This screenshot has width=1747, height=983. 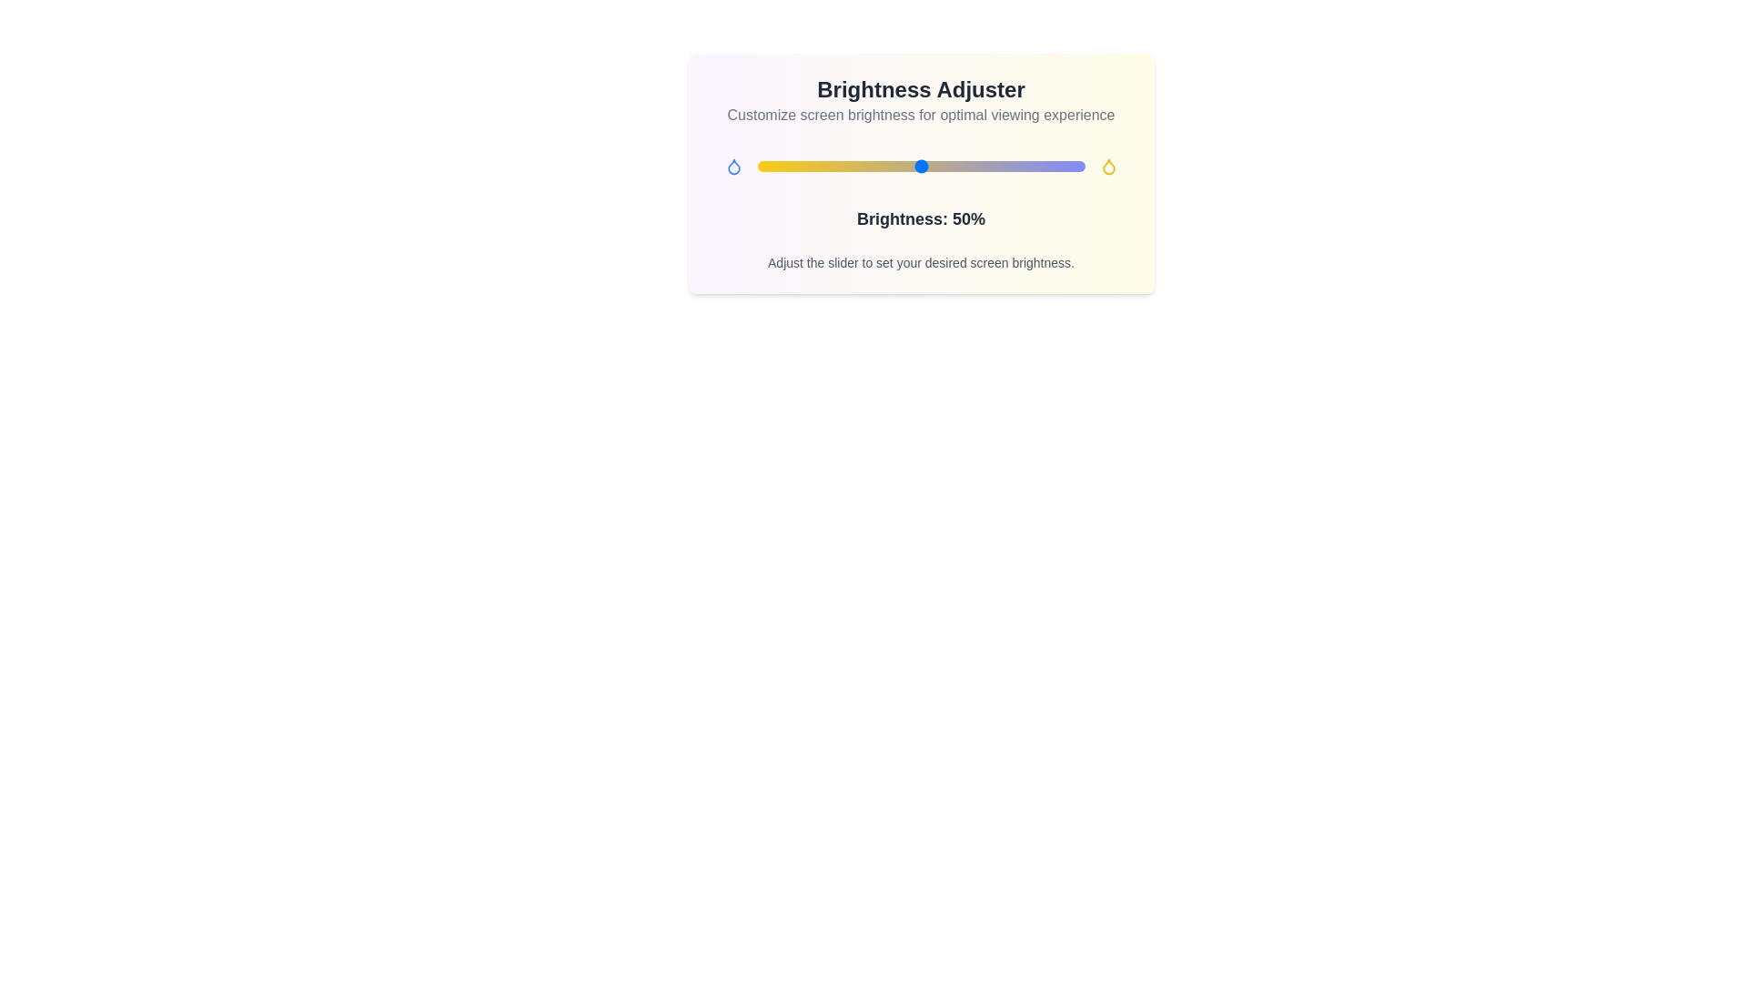 What do you see at coordinates (757, 166) in the screenshot?
I see `the brightness slider to 0% to observe the gradient` at bounding box center [757, 166].